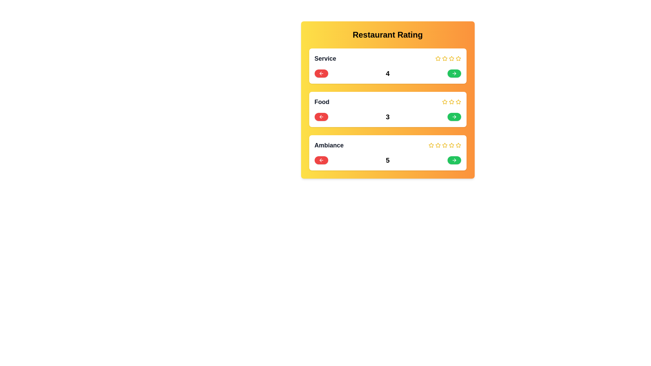 This screenshot has width=651, height=366. I want to click on the rightmost button in the 'Food' rating section for keyboard interactions, so click(454, 116).